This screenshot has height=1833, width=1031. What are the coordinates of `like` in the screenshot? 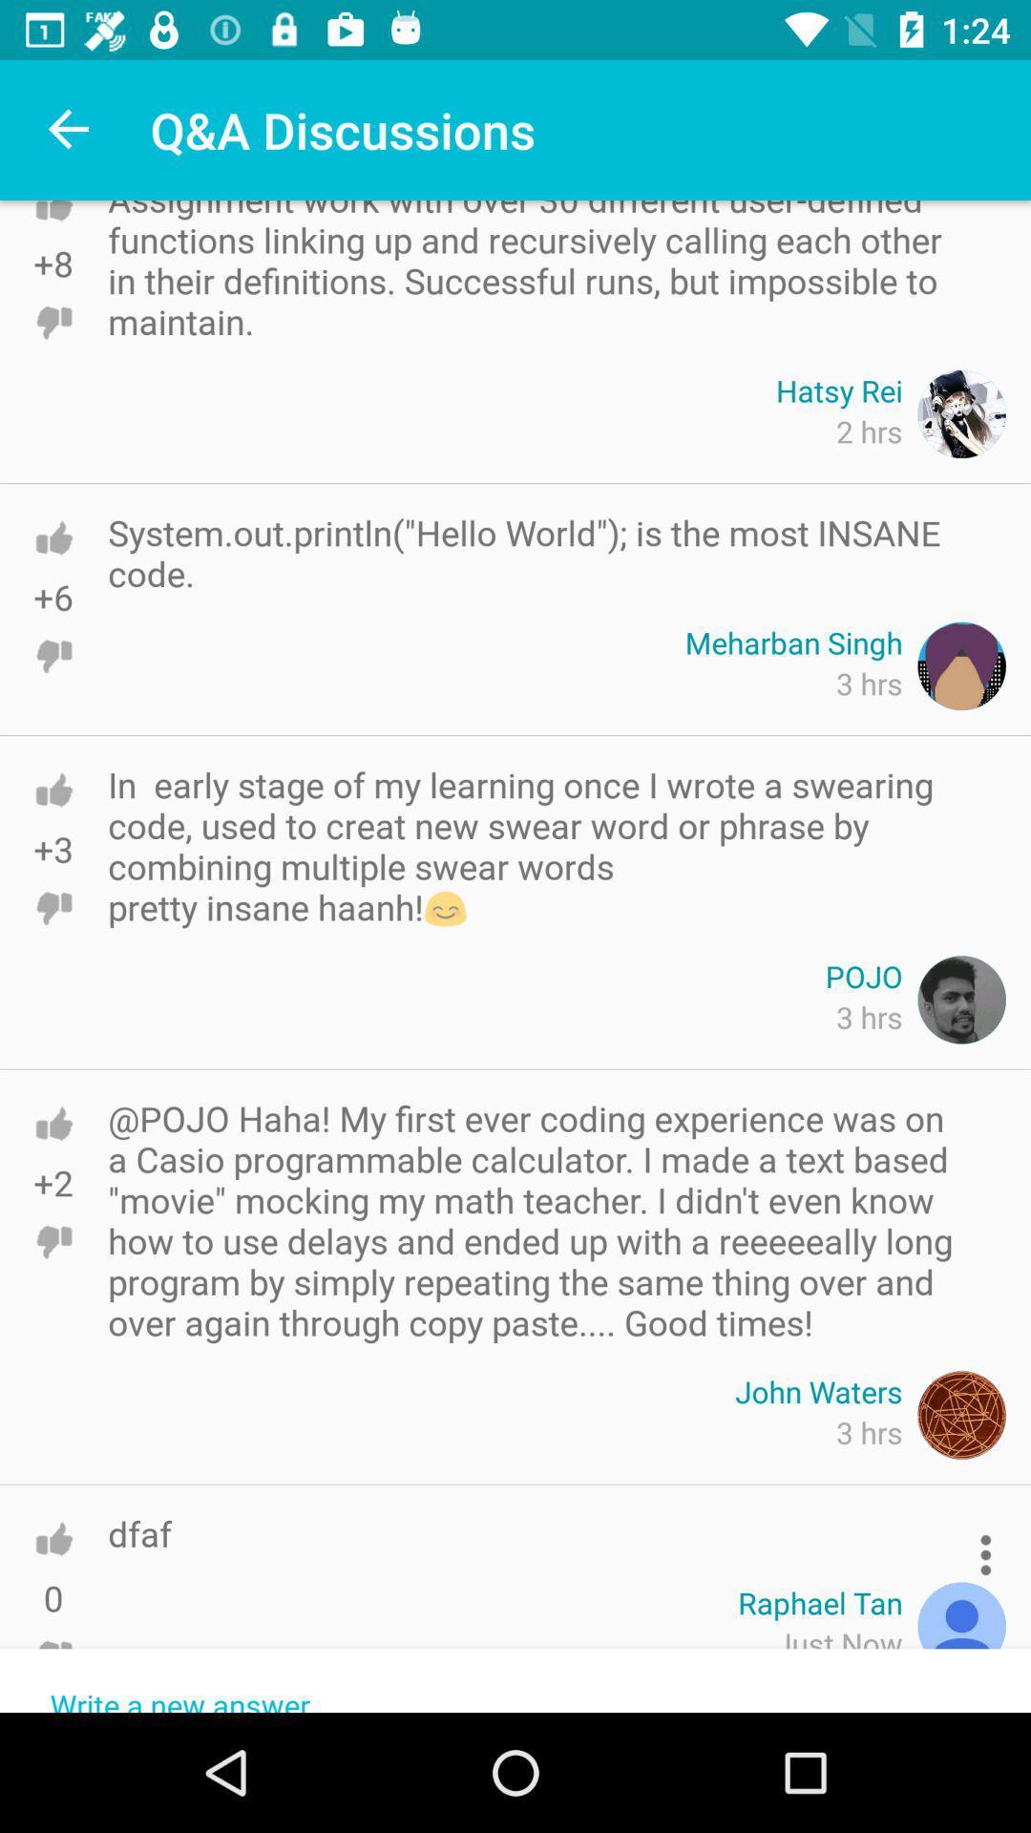 It's located at (53, 907).